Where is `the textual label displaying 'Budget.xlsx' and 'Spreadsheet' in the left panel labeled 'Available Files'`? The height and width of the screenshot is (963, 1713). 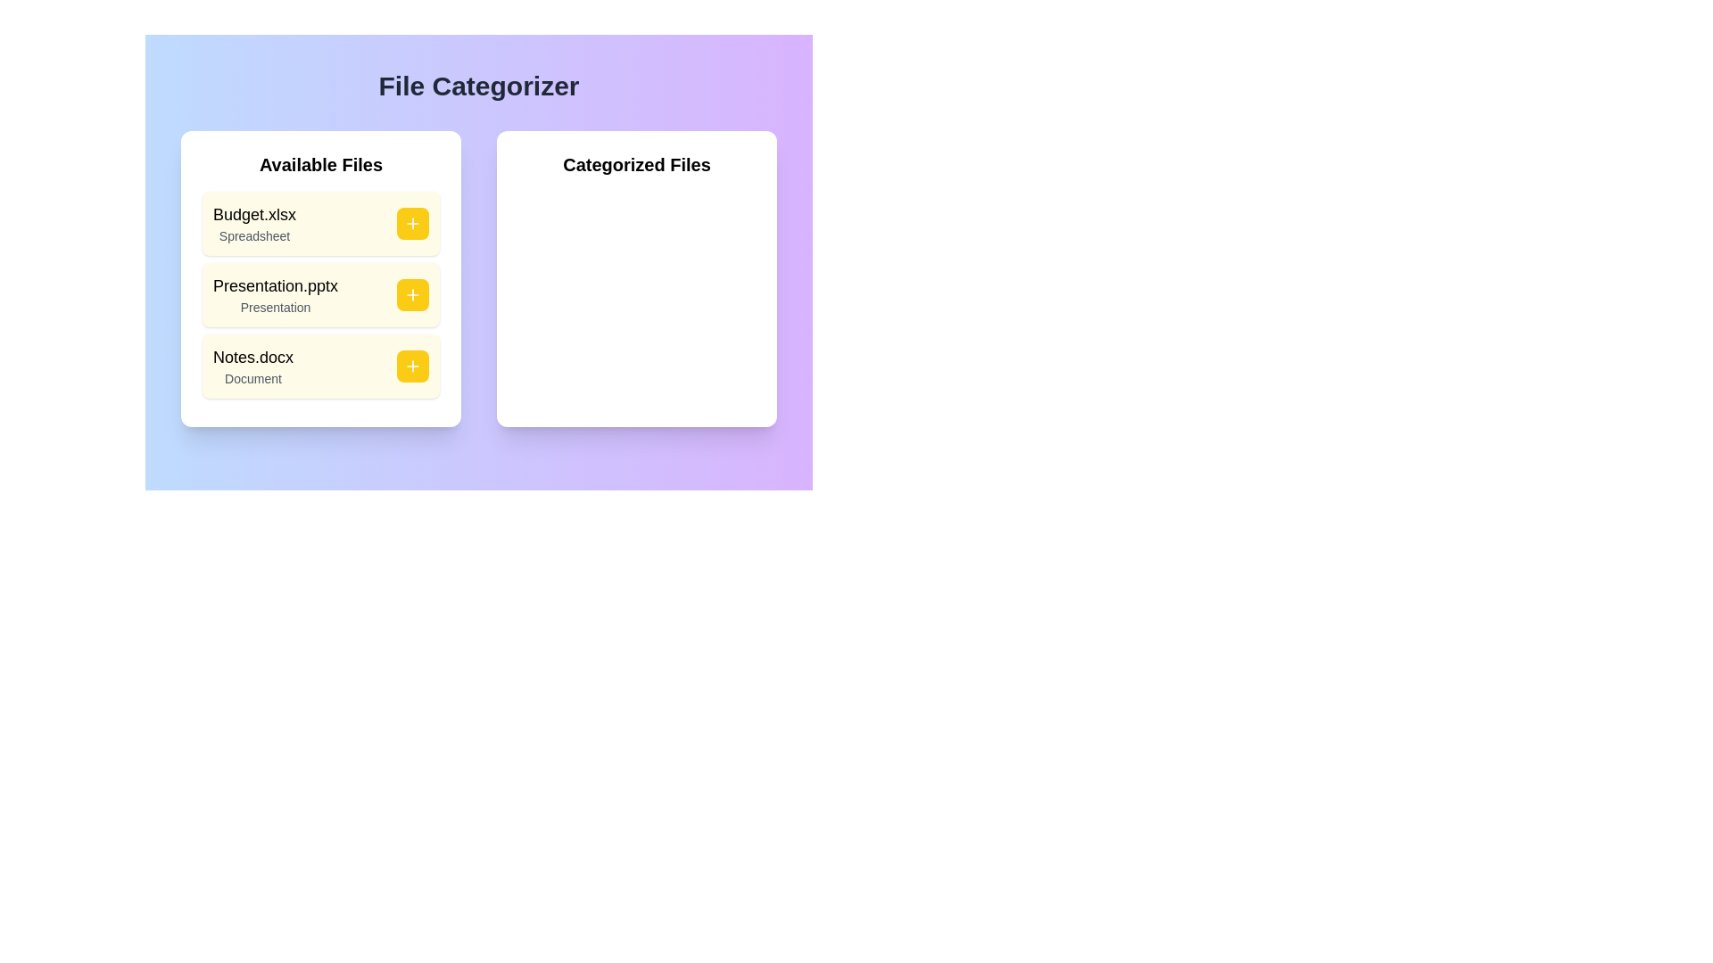 the textual label displaying 'Budget.xlsx' and 'Spreadsheet' in the left panel labeled 'Available Files' is located at coordinates (253, 222).